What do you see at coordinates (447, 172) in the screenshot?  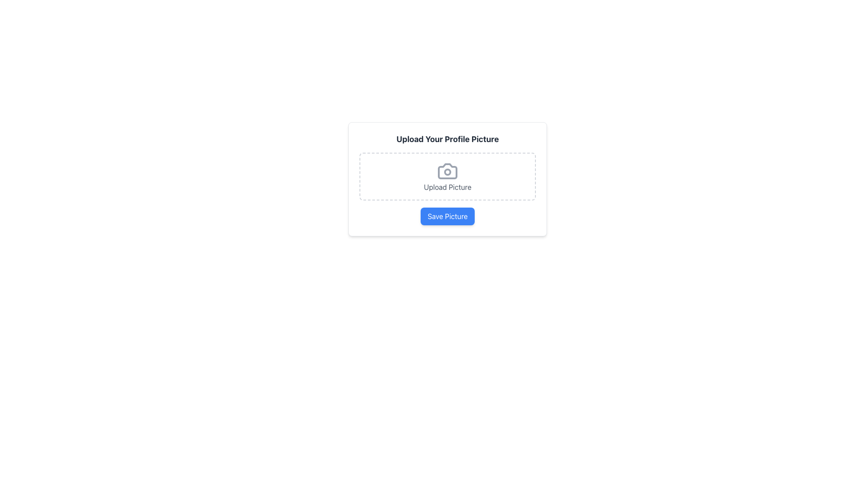 I see `the ornamental circular element in the center of the camera icon, which is part of a dashed bordered area located near the upper center of the interface` at bounding box center [447, 172].